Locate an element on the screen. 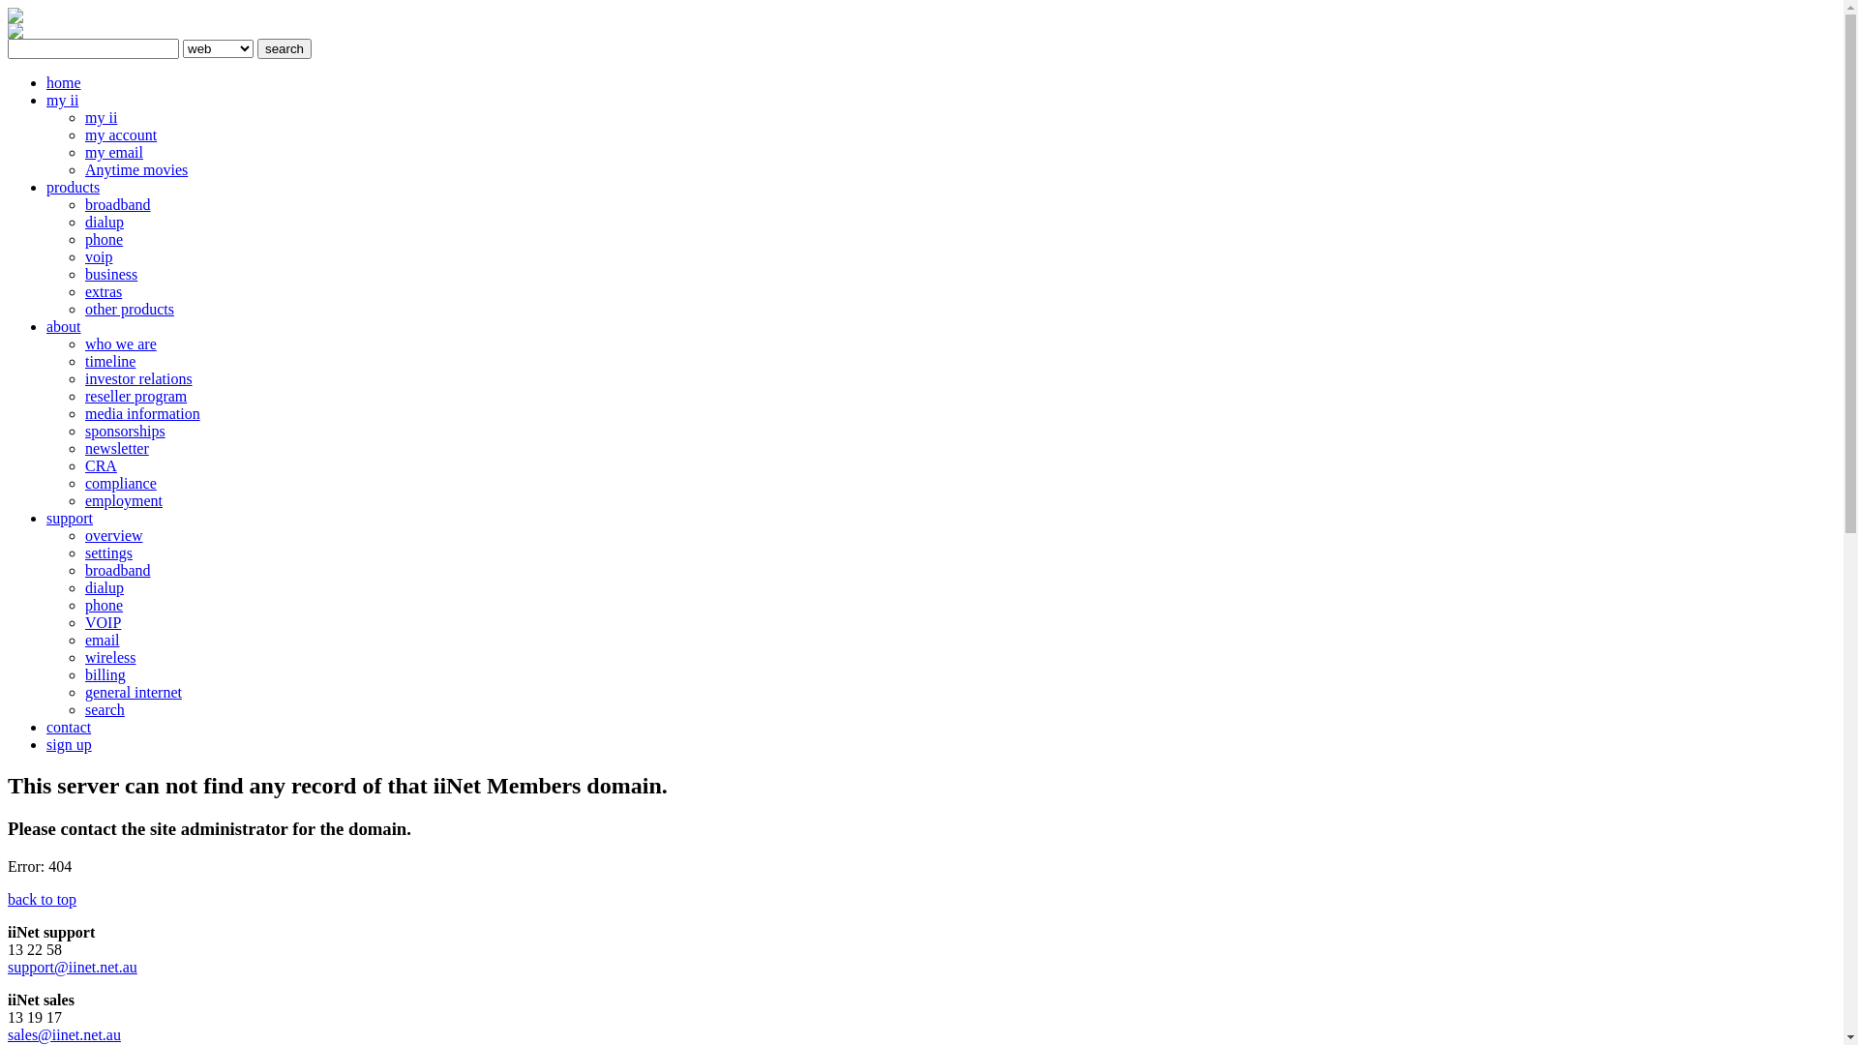 This screenshot has height=1045, width=1858. 'products' is located at coordinates (73, 187).